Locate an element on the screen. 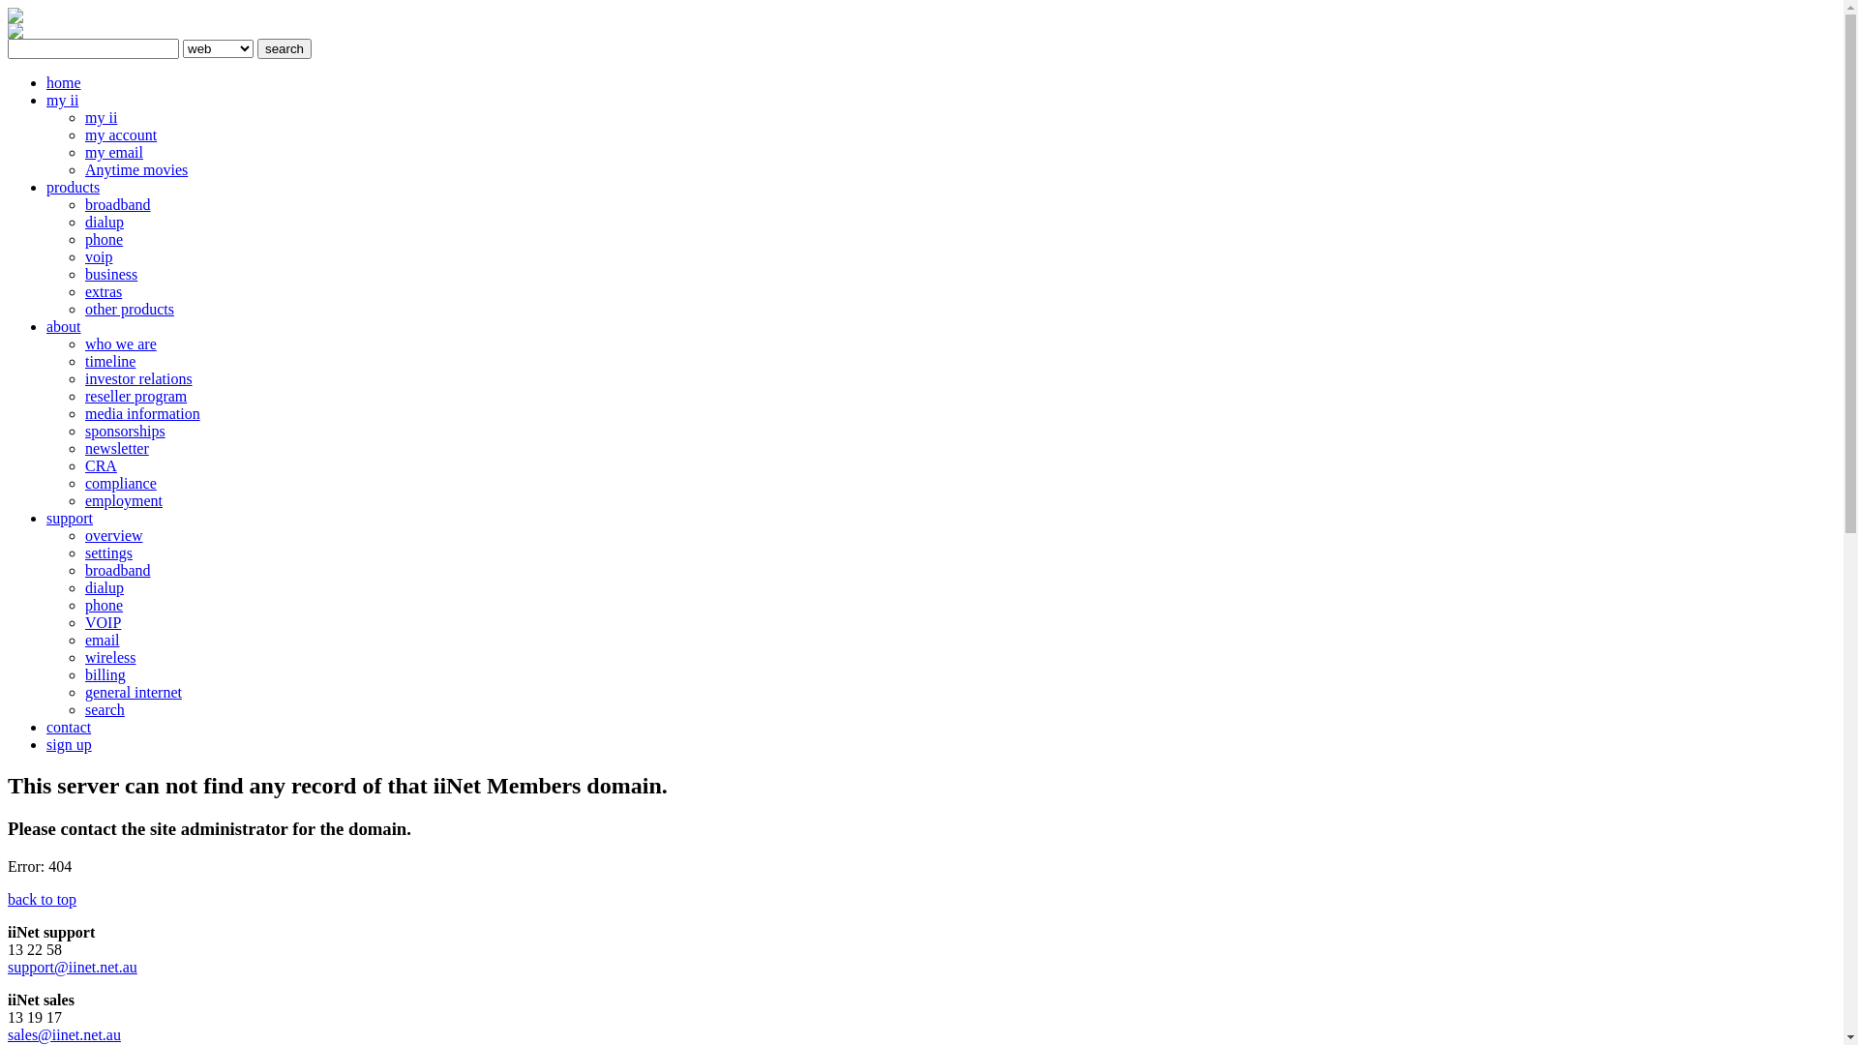 This screenshot has height=1045, width=1858. 'products' is located at coordinates (73, 187).